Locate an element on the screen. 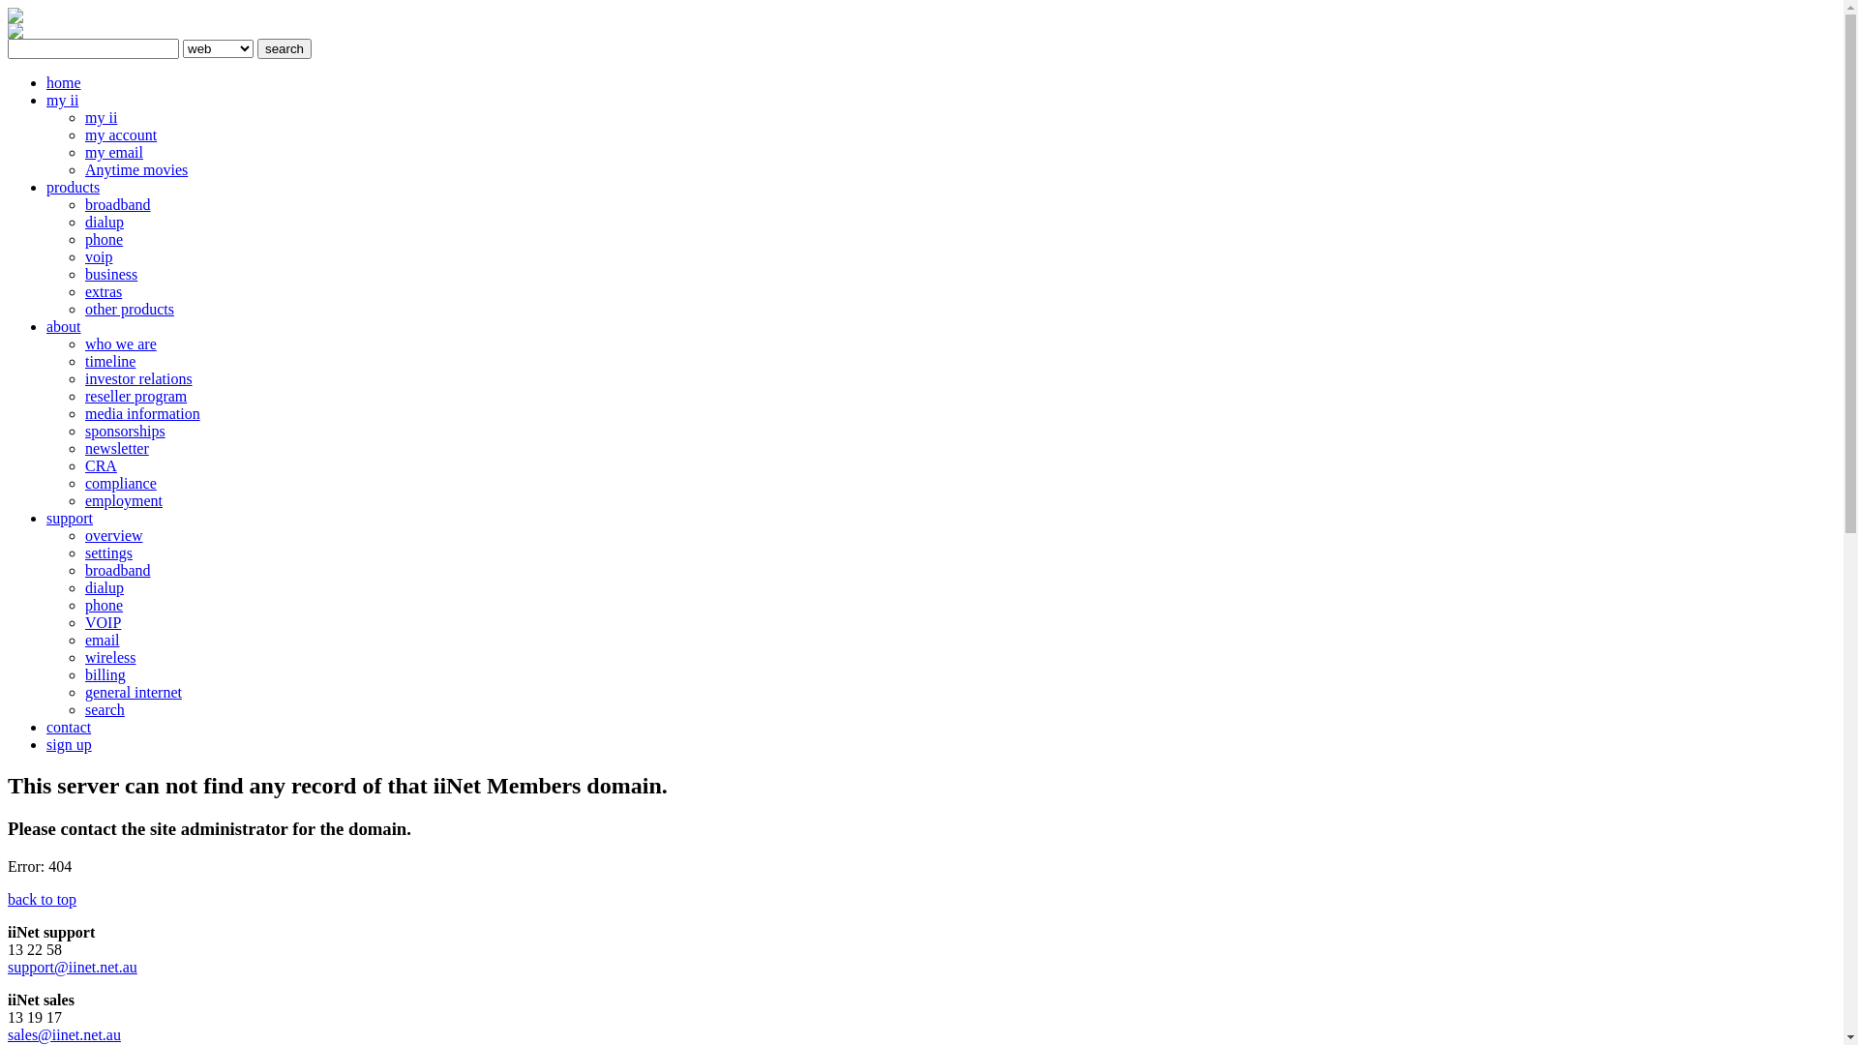 This screenshot has height=1045, width=1858. 'products' is located at coordinates (73, 187).